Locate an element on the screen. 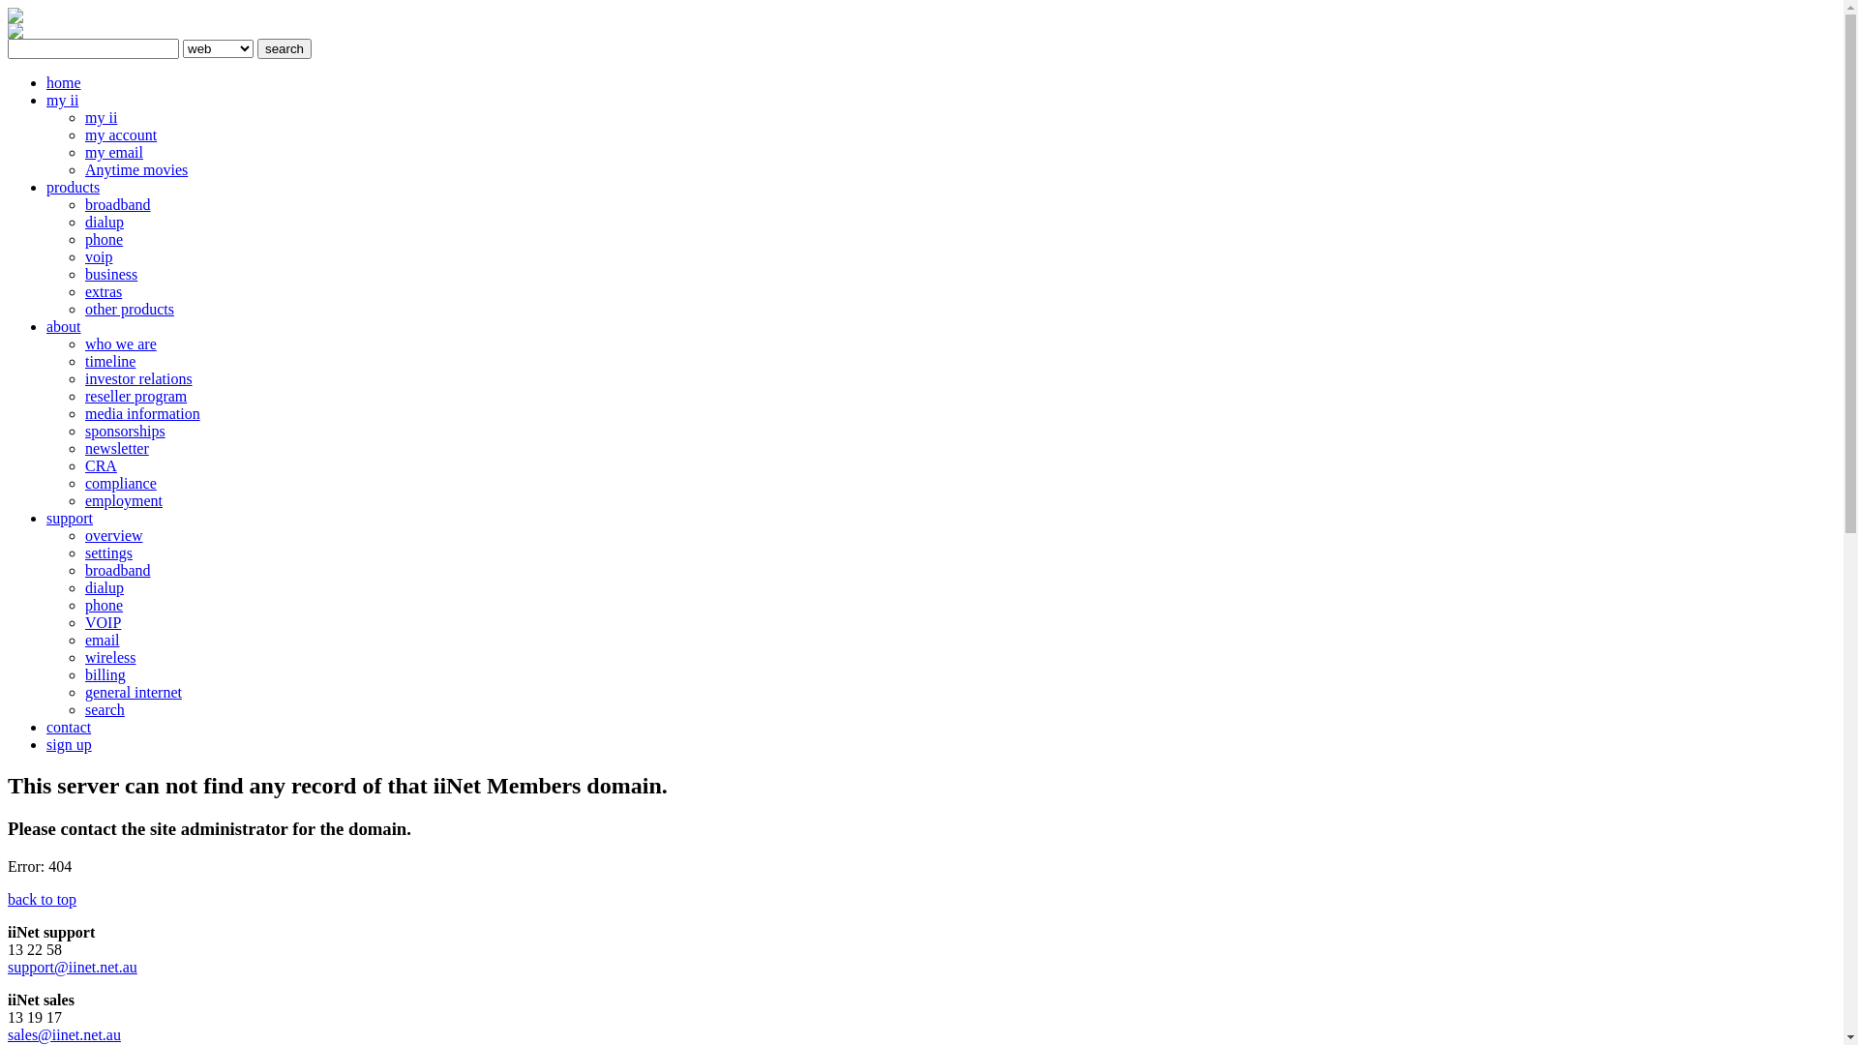 This screenshot has height=1045, width=1858. 'products' is located at coordinates (73, 187).